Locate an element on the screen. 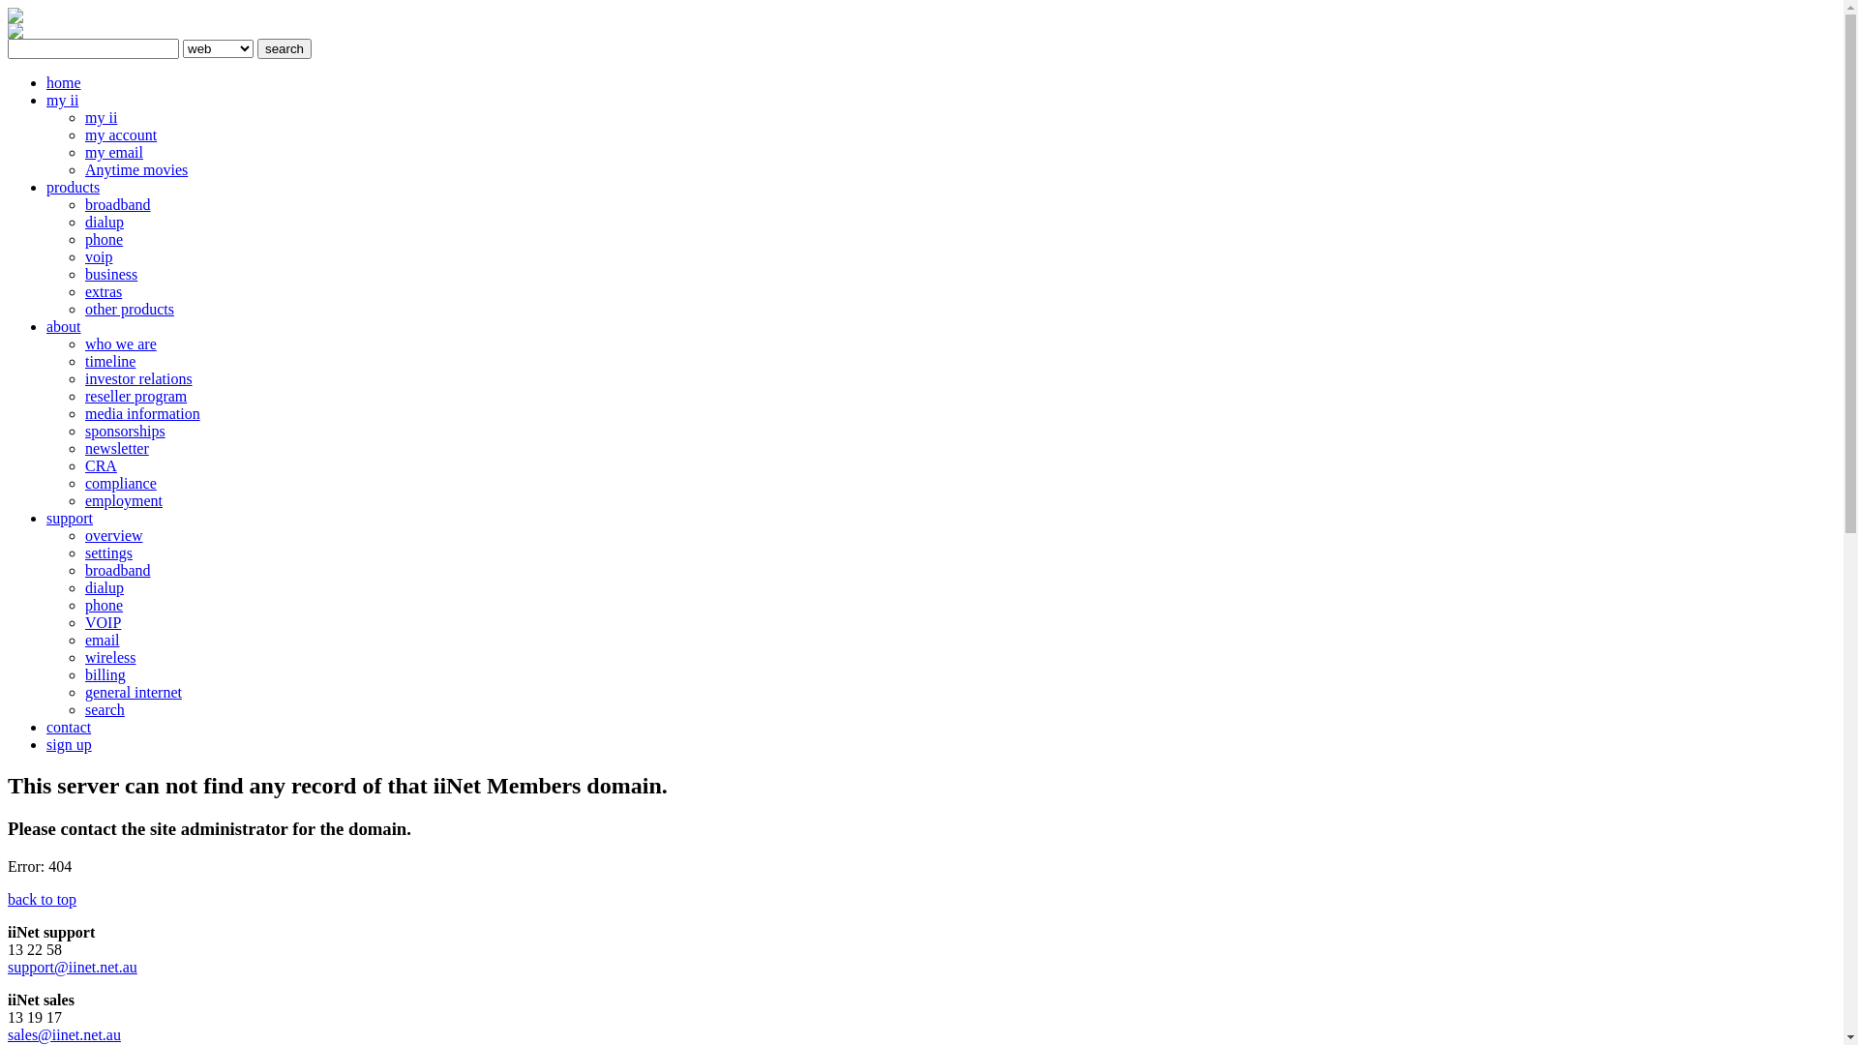 This screenshot has height=1045, width=1858. 'products' is located at coordinates (73, 187).